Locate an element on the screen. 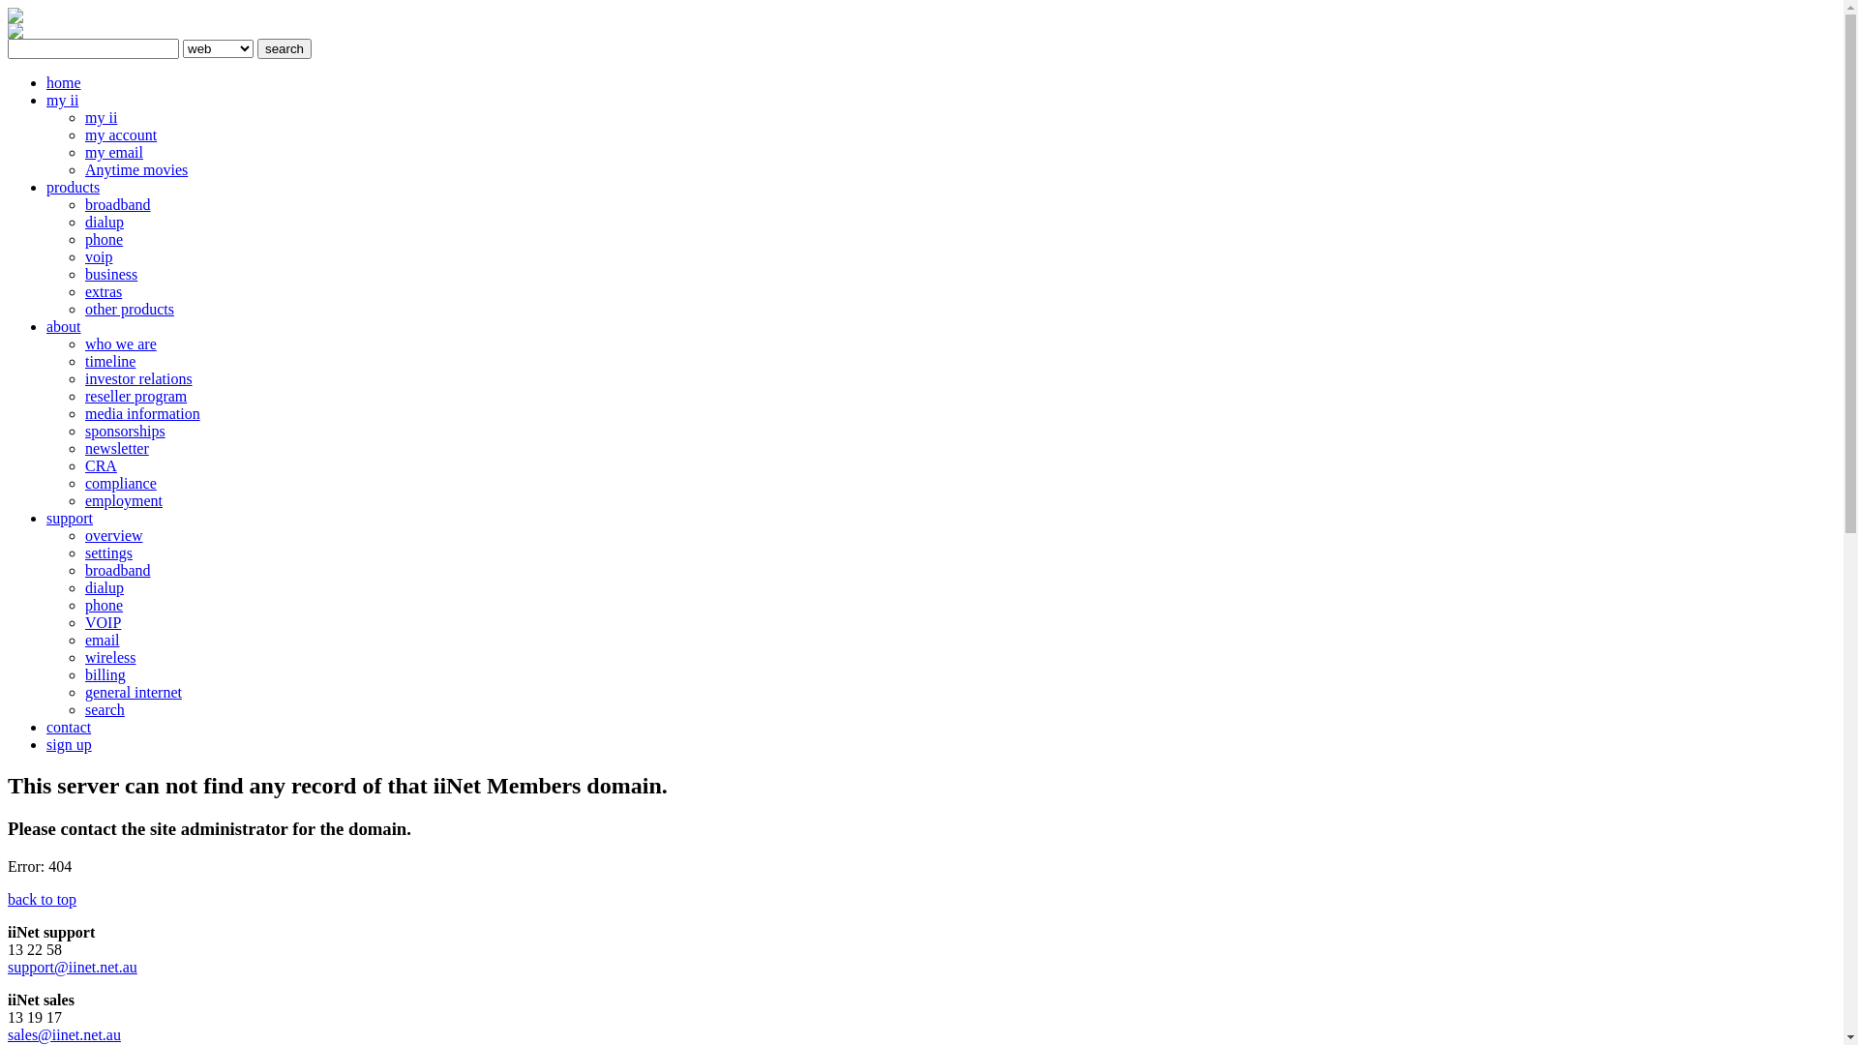 This screenshot has height=1045, width=1858. 'products' is located at coordinates (73, 187).